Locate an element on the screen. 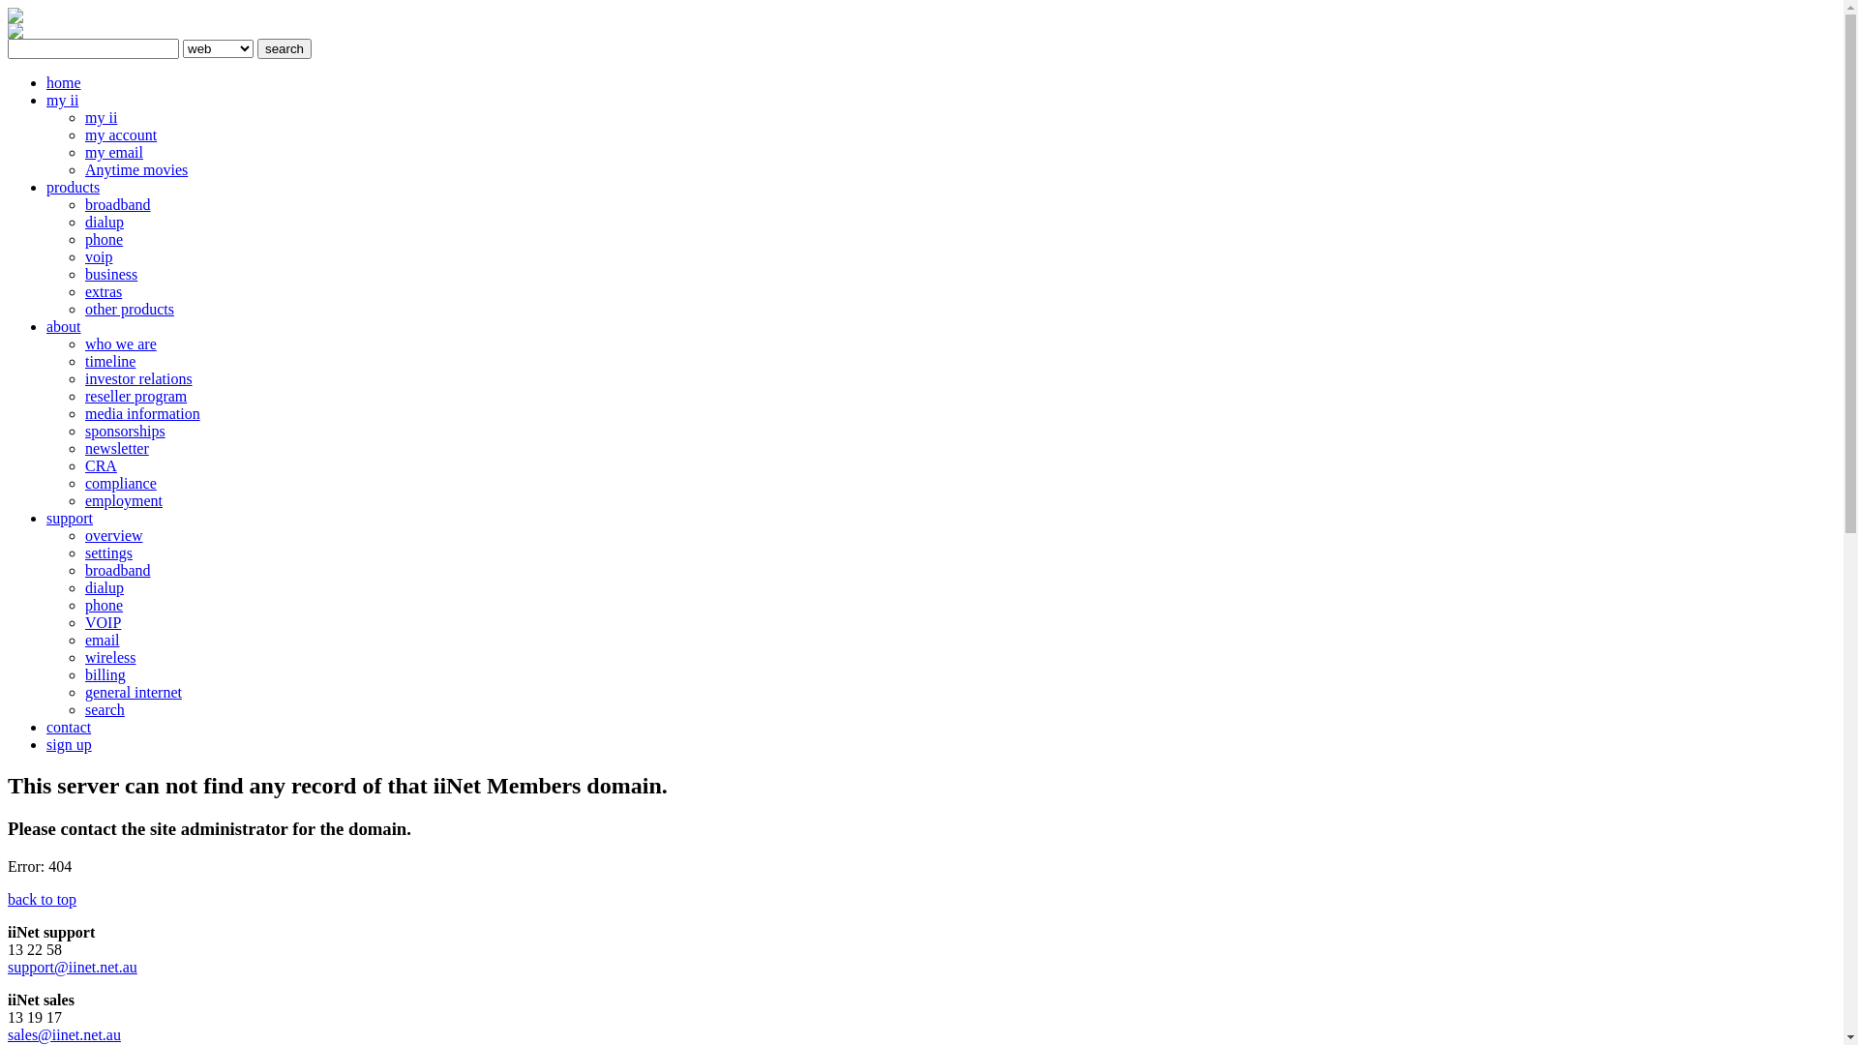 This screenshot has height=1045, width=1858. 'products' is located at coordinates (73, 187).